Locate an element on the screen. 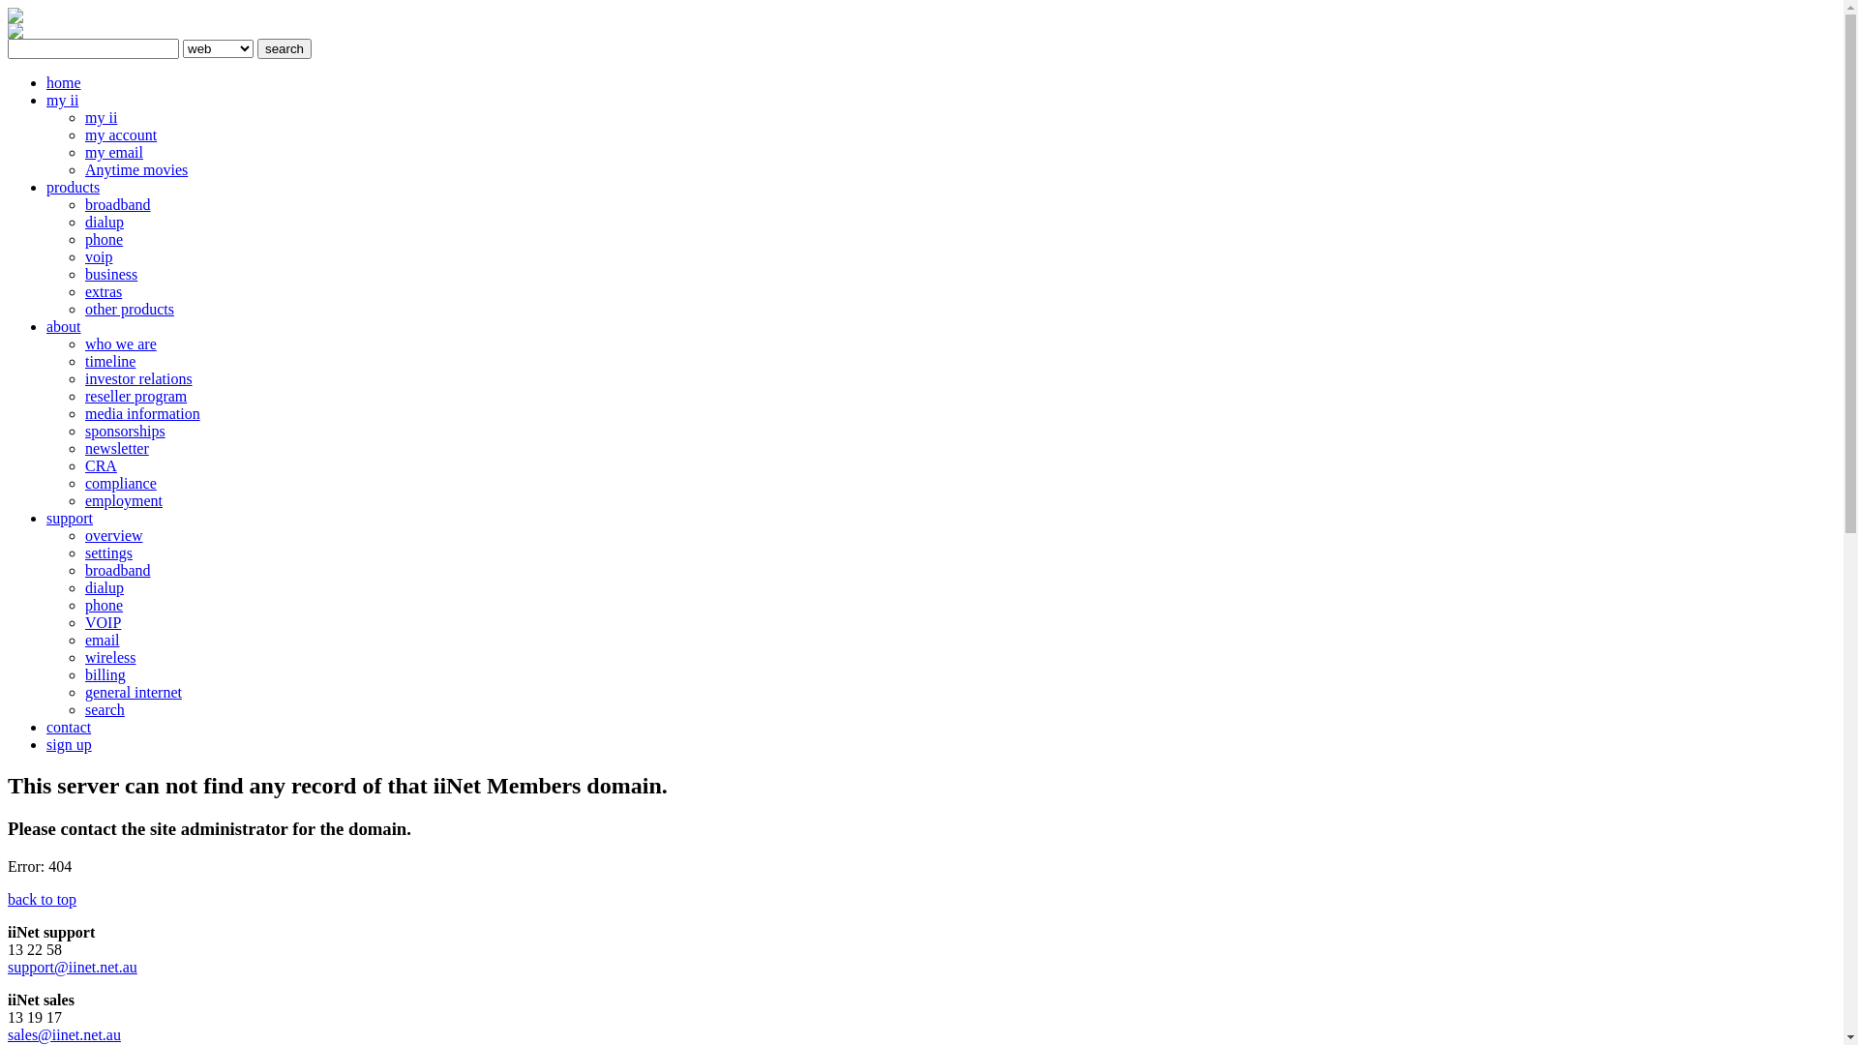 This screenshot has height=1045, width=1858. 'products' is located at coordinates (73, 187).